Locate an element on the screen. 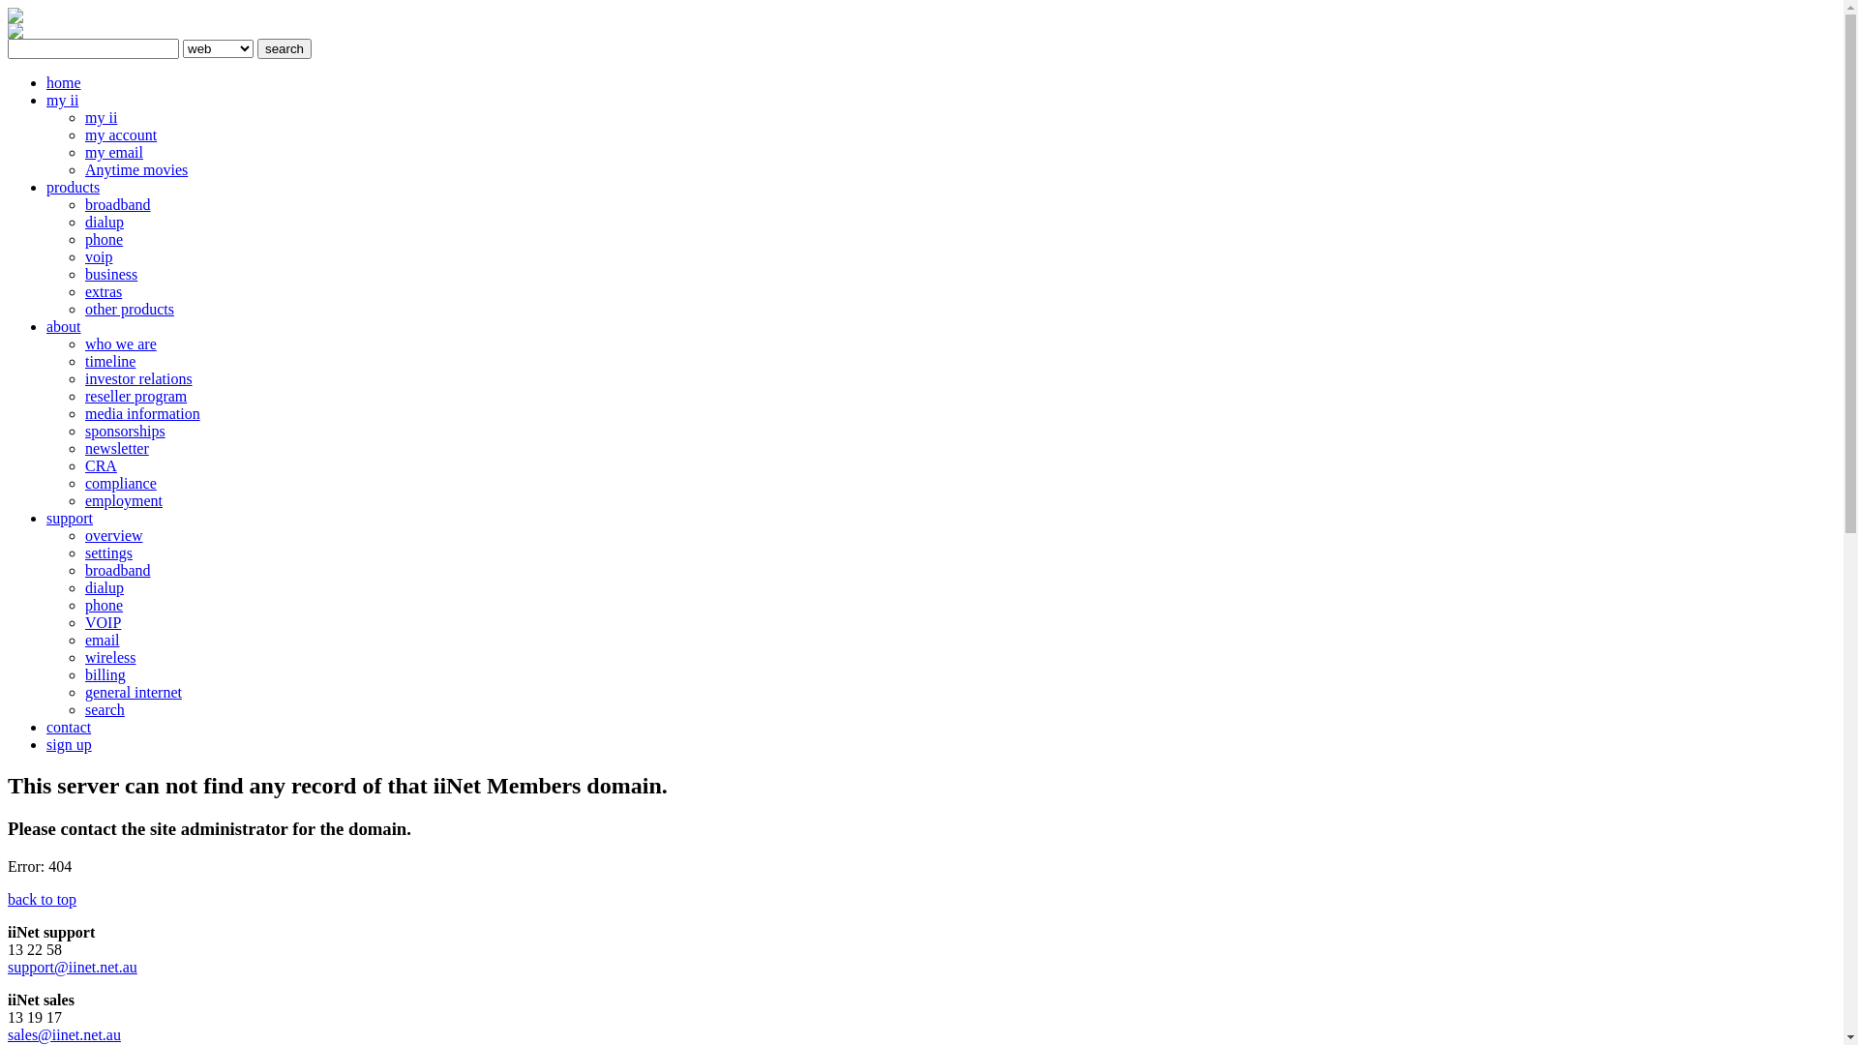 This screenshot has height=1045, width=1858. 'products' is located at coordinates (73, 187).